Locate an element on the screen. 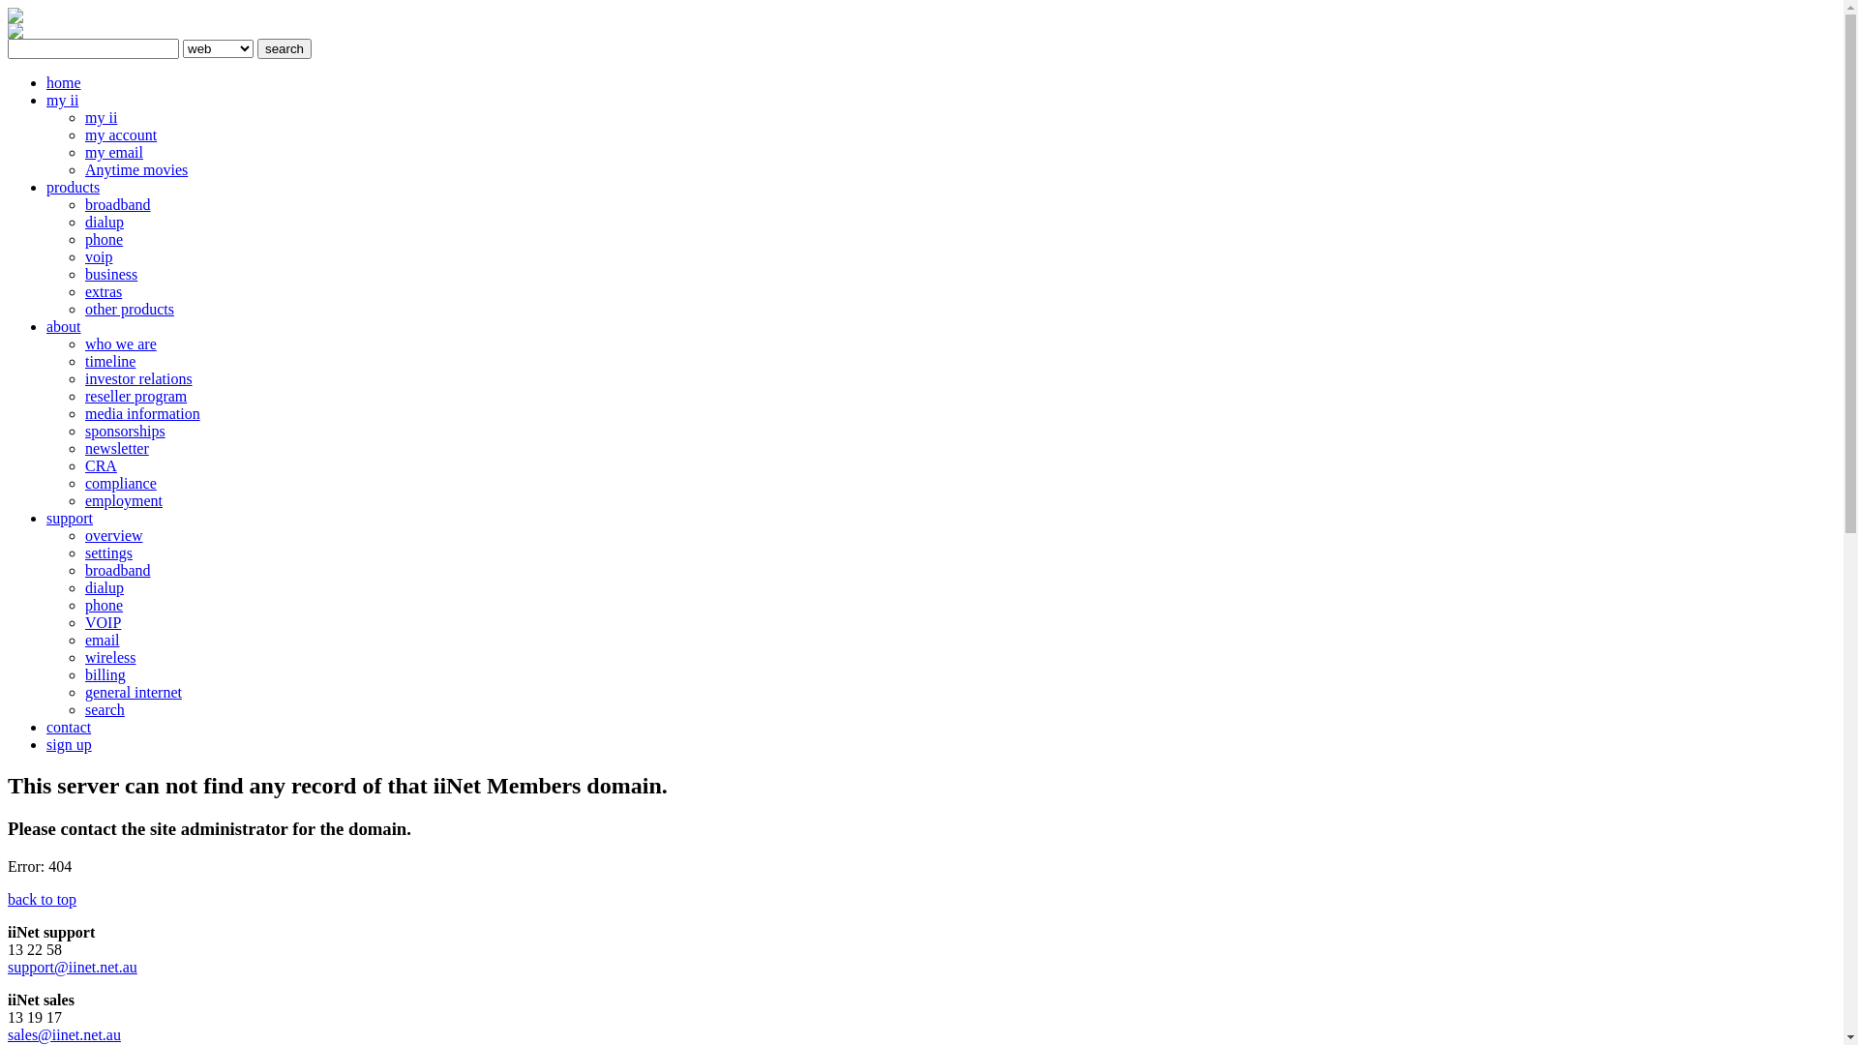 This screenshot has height=1045, width=1858. 'products' is located at coordinates (73, 187).